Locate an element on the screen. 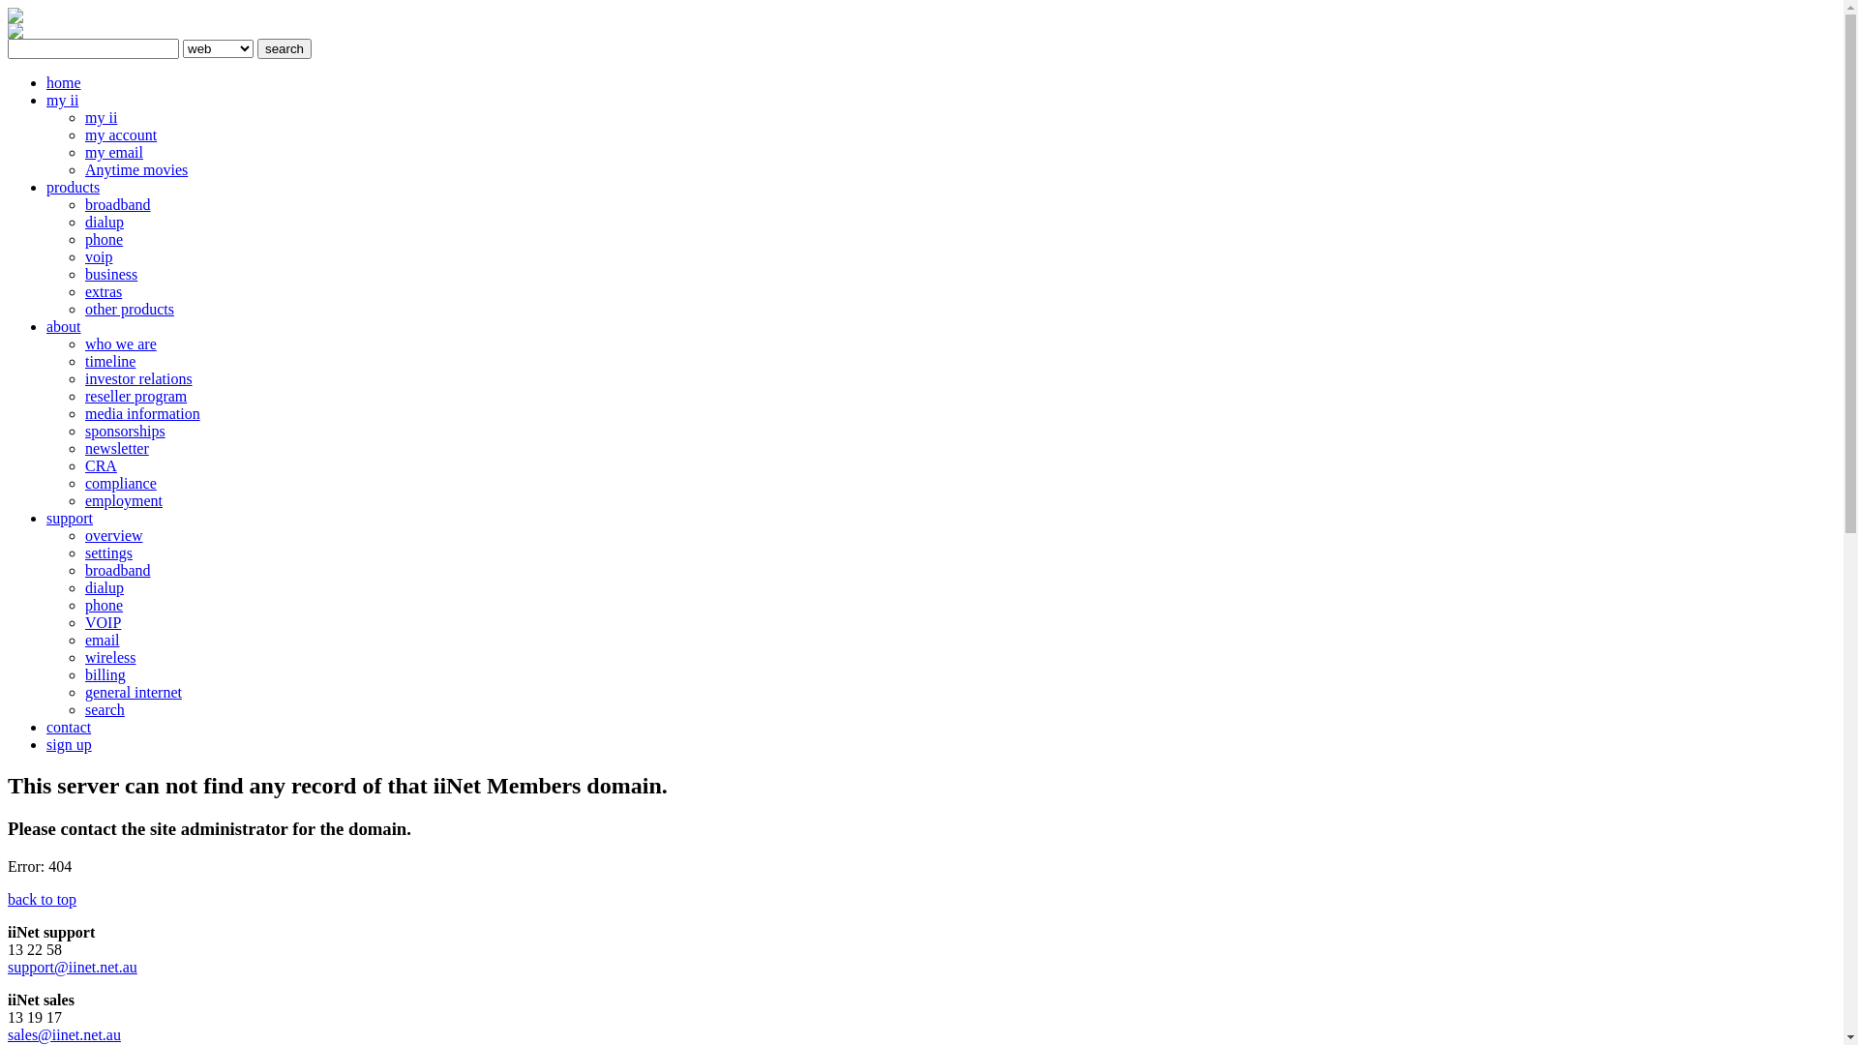 This screenshot has height=1045, width=1858. 'products' is located at coordinates (73, 187).